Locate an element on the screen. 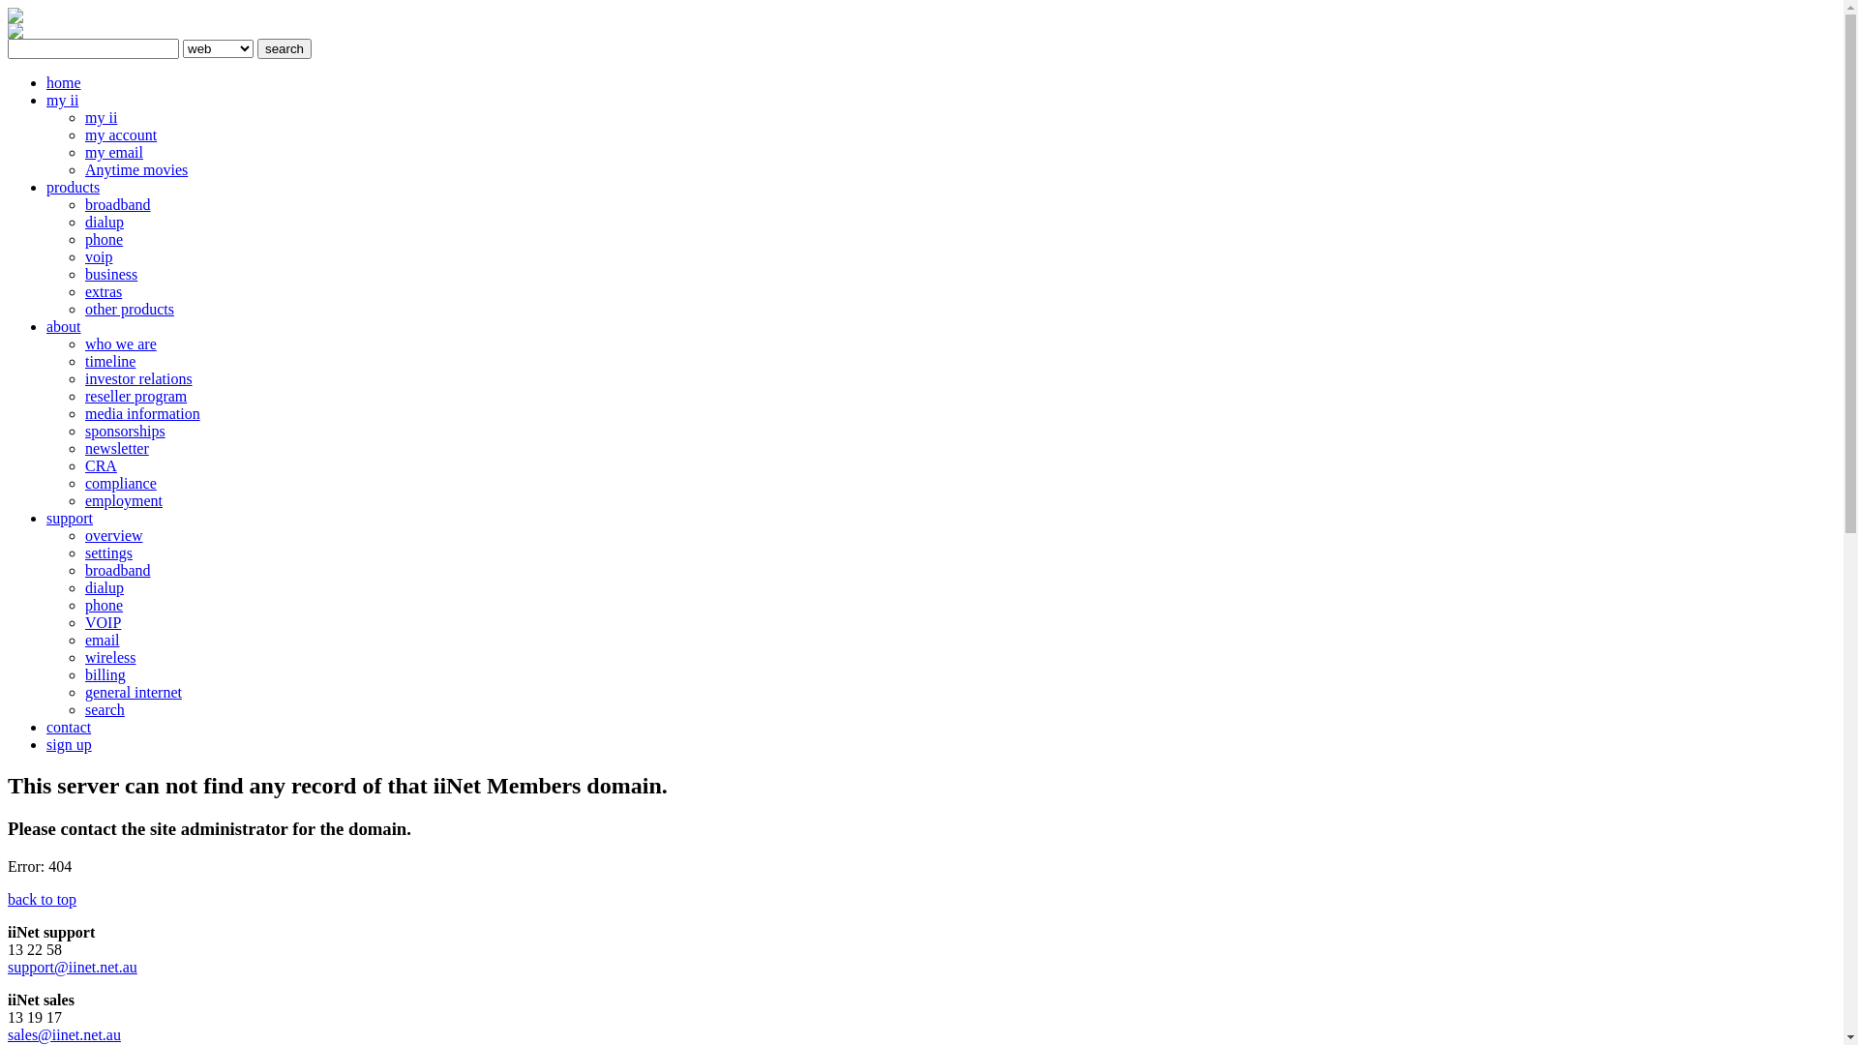 This screenshot has height=1045, width=1858. 'products' is located at coordinates (73, 187).